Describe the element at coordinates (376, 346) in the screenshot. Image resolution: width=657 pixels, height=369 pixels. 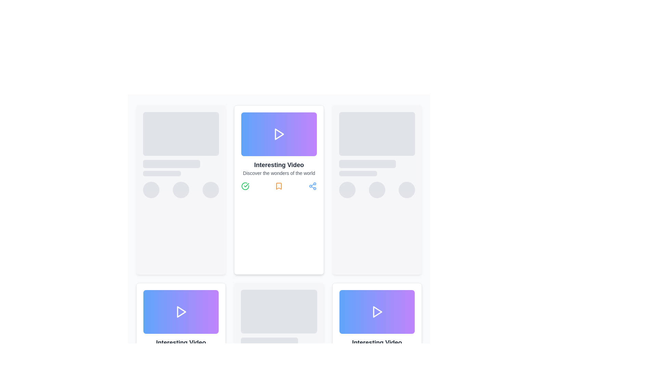
I see `the text display element that serves as the title and subtitle for the content in the card located in the bottom center of the card, which is positioned in the center of a three-column grid layout` at that location.